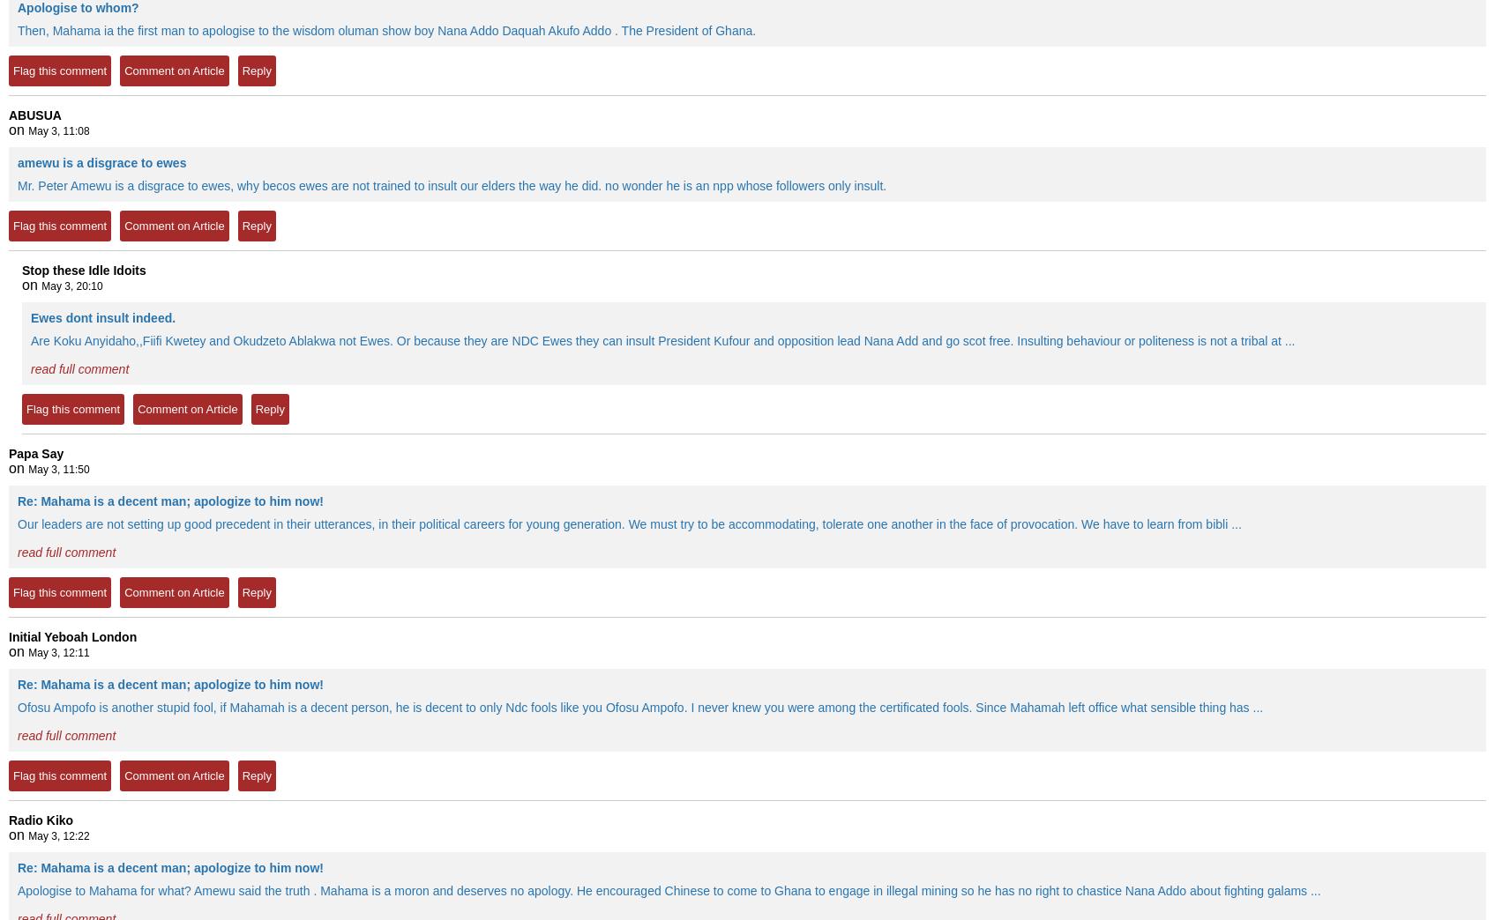  What do you see at coordinates (101, 161) in the screenshot?
I see `'amewu is a disgrace to ewes'` at bounding box center [101, 161].